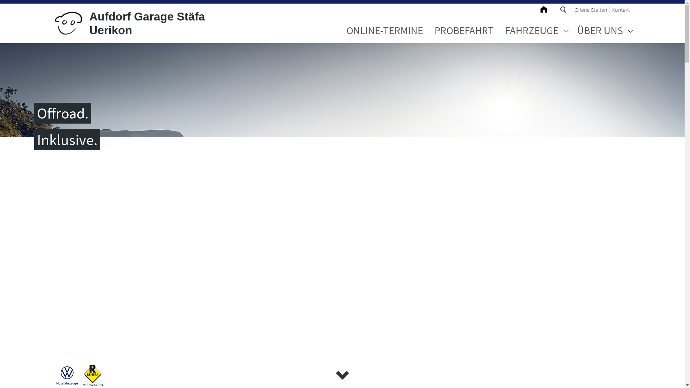  What do you see at coordinates (532, 30) in the screenshot?
I see `'FAHRZEUGE'` at bounding box center [532, 30].